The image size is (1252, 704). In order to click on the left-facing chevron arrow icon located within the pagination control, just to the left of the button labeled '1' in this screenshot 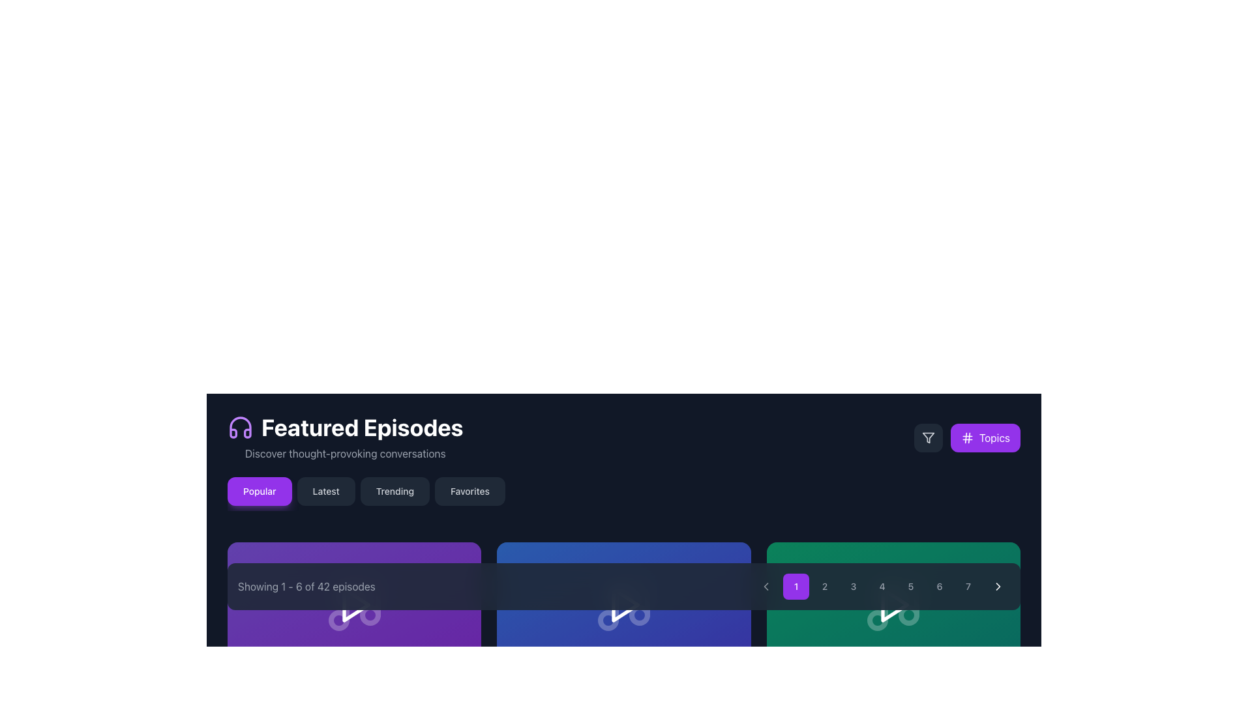, I will do `click(766, 585)`.